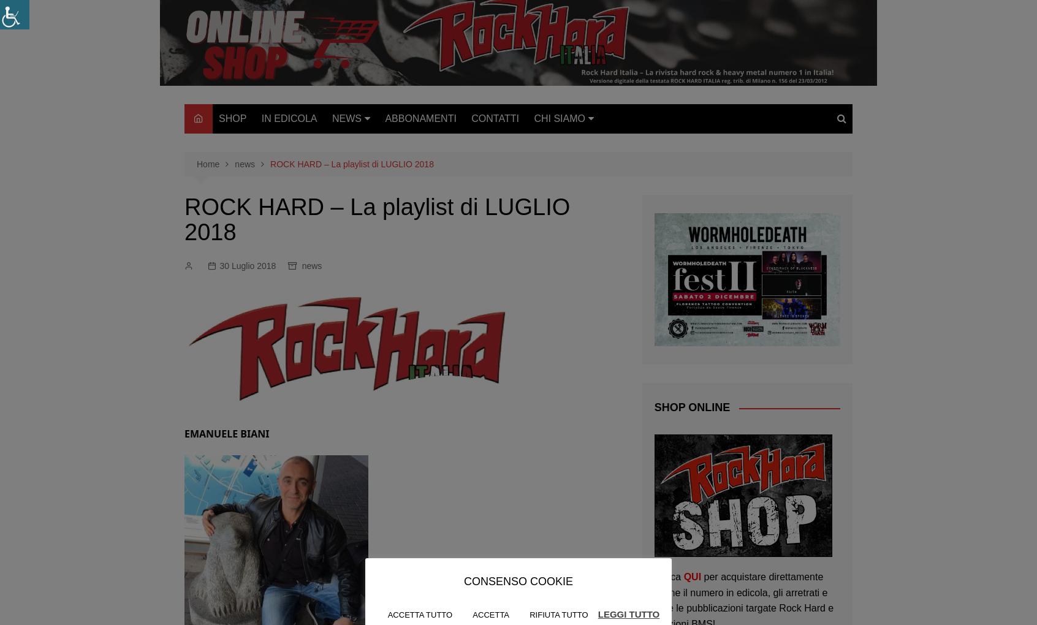 The image size is (1037, 625). I want to click on 'Clicca', so click(669, 575).